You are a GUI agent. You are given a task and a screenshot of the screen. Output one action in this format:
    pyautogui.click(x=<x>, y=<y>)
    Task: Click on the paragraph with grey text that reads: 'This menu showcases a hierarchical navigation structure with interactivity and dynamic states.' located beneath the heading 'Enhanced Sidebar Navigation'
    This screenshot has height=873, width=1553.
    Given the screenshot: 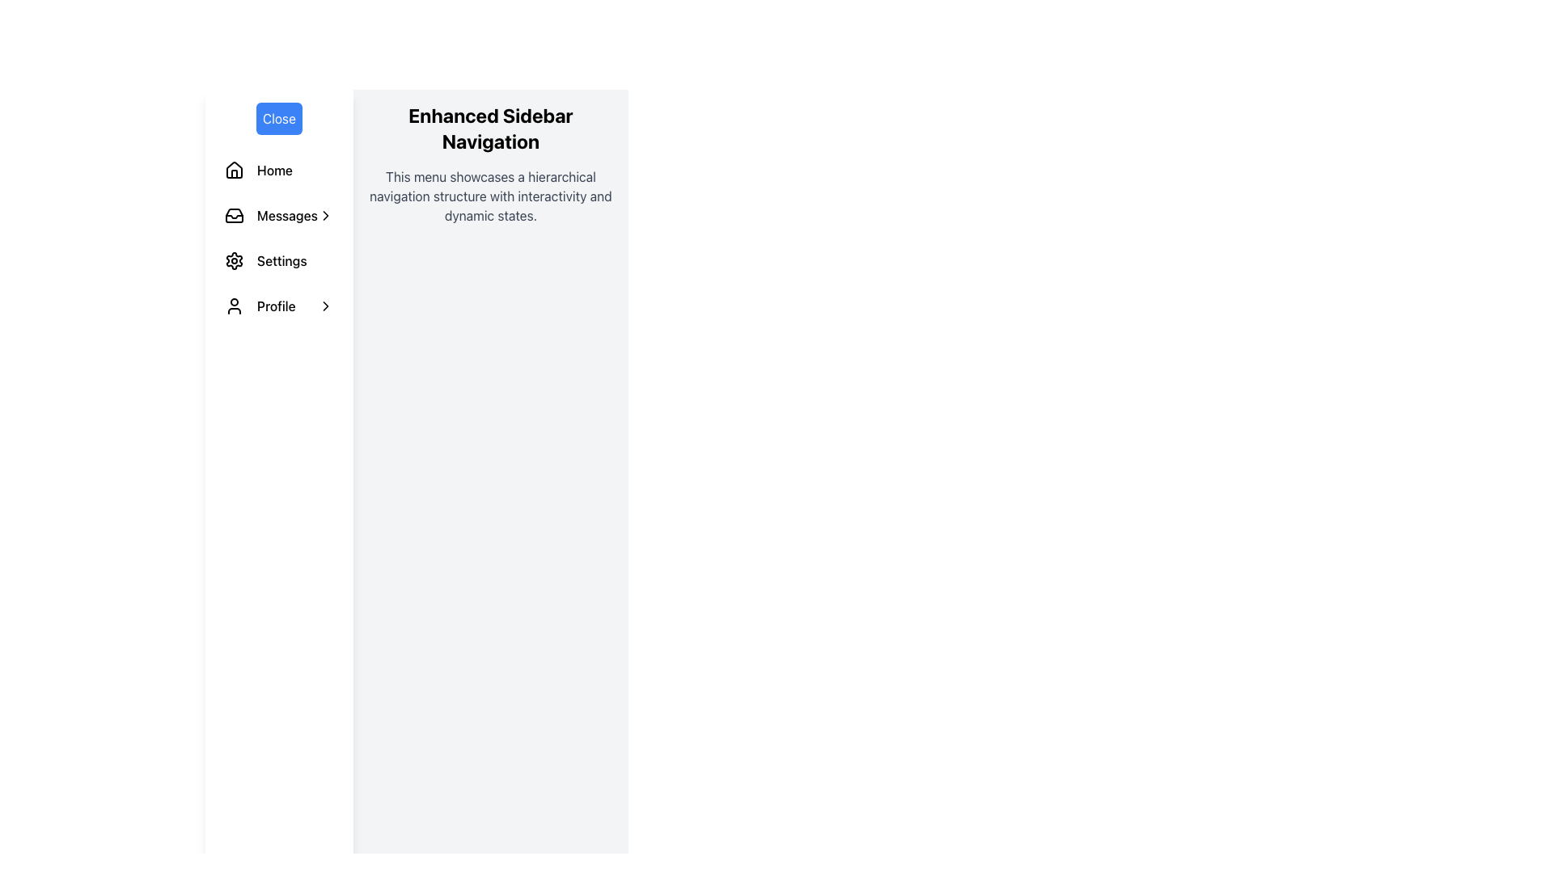 What is the action you would take?
    pyautogui.click(x=489, y=196)
    